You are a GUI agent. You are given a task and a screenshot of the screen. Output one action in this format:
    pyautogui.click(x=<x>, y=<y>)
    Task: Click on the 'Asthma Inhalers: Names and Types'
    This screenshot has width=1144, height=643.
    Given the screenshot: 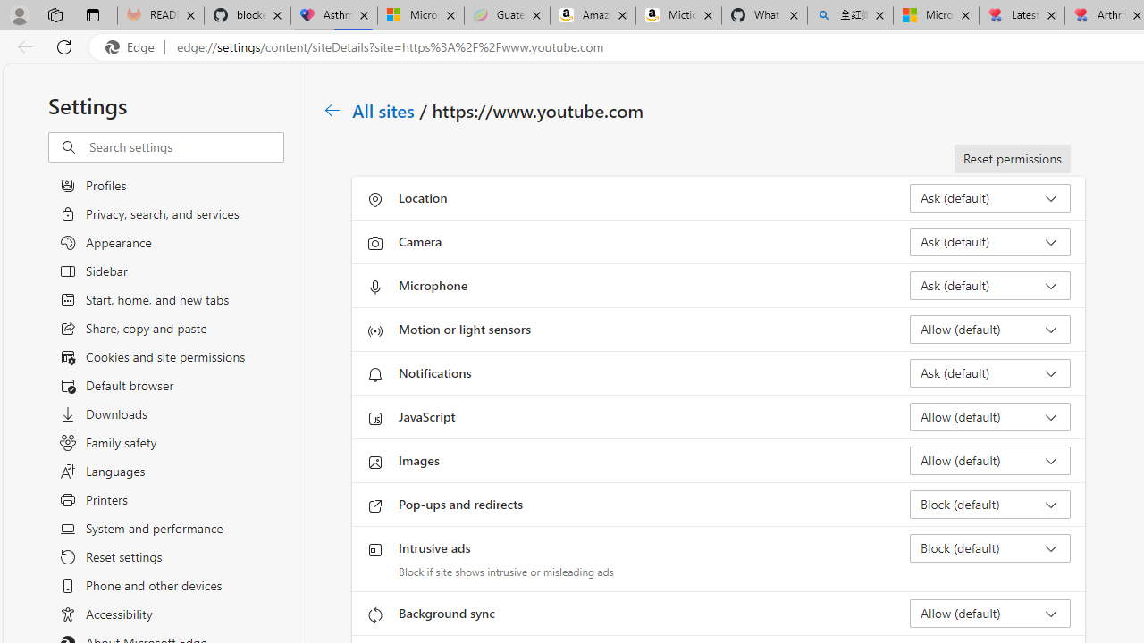 What is the action you would take?
    pyautogui.click(x=334, y=15)
    